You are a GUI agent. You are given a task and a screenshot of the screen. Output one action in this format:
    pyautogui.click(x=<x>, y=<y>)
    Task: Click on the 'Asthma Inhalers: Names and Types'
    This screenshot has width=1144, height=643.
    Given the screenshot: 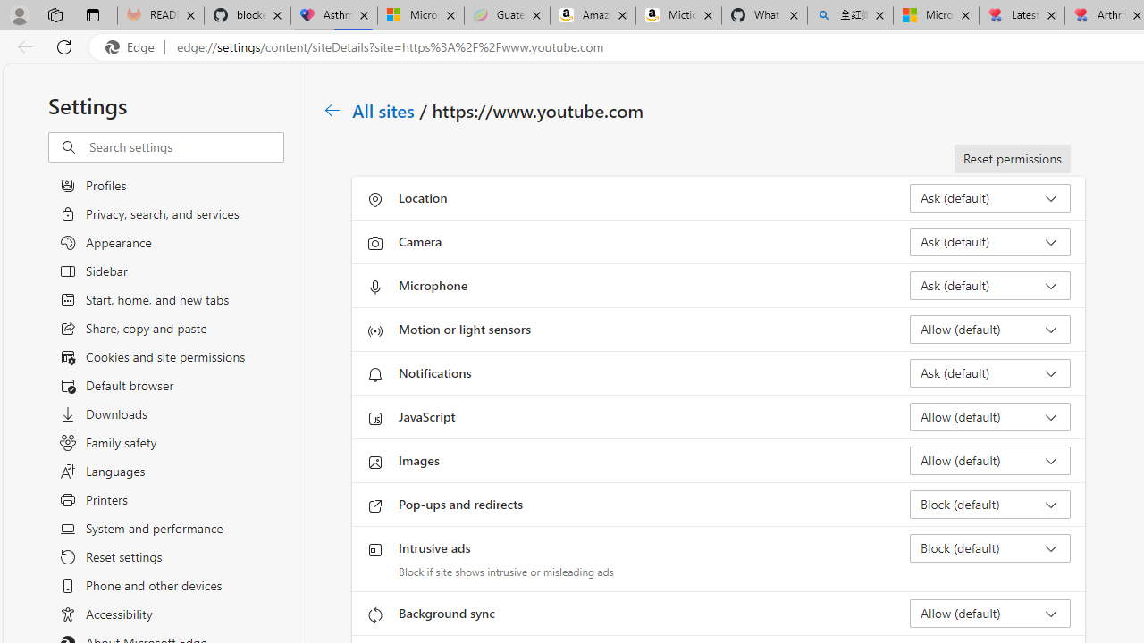 What is the action you would take?
    pyautogui.click(x=334, y=15)
    